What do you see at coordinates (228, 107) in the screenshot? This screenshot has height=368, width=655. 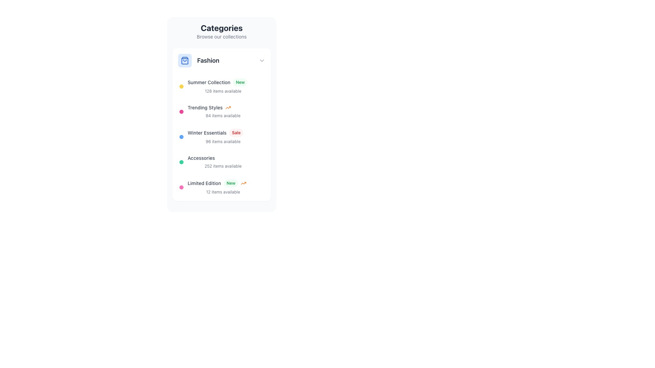 I see `the small orange line chart icon with an upward trend located to the right of the 'Trending Styles' text in the 'Fashion' category list` at bounding box center [228, 107].